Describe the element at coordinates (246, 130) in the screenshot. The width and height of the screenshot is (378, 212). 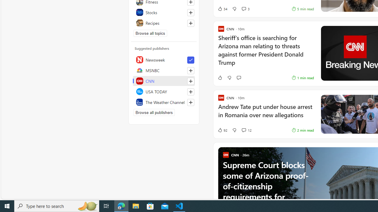
I see `'View comments 12 Comment'` at that location.